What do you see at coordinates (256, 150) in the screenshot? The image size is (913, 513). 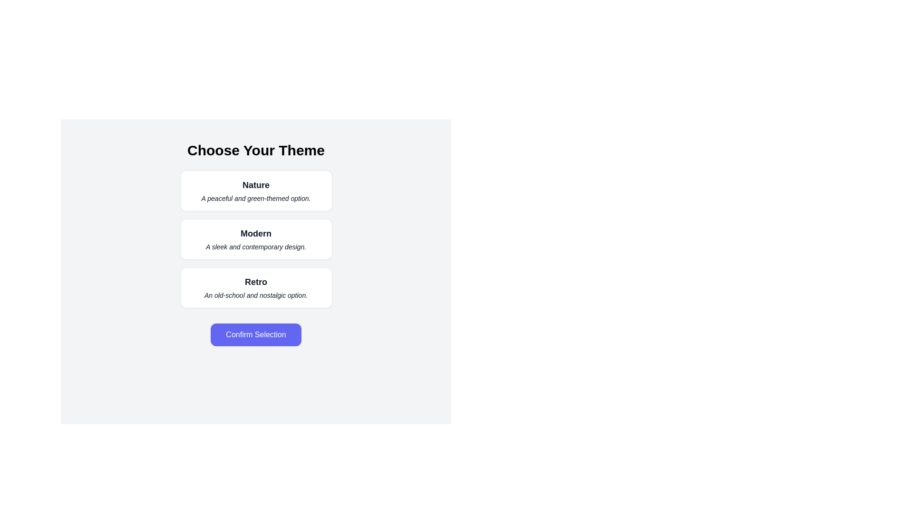 I see `text header displaying 'Choose Your Theme', which is prominently styled in bold and large font, located at the top center of the interface` at bounding box center [256, 150].